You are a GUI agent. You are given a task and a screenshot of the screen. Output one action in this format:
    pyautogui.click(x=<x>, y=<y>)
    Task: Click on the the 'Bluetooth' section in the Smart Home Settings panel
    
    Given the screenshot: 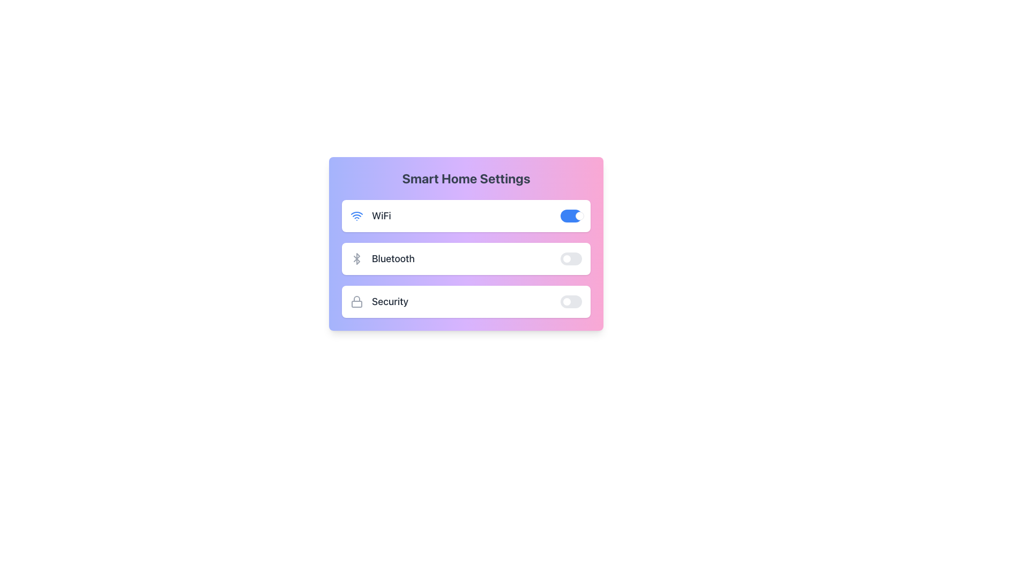 What is the action you would take?
    pyautogui.click(x=466, y=258)
    